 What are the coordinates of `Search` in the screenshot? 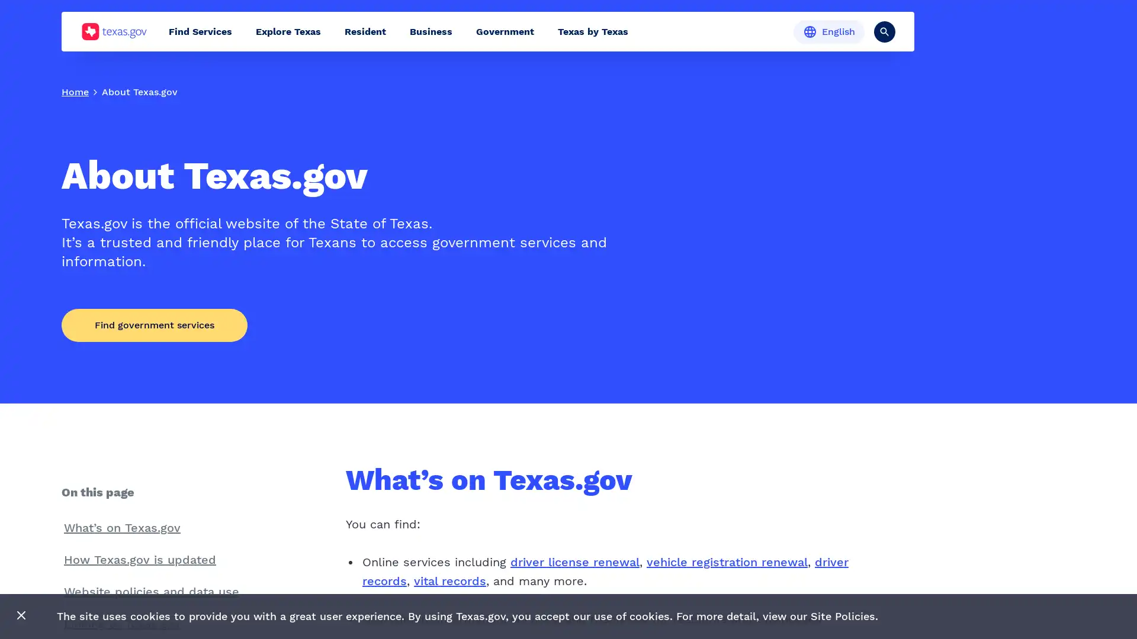 It's located at (884, 31).